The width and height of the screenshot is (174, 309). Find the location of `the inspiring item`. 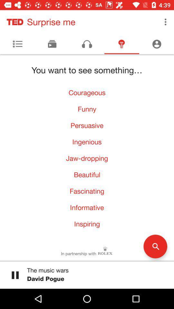

the inspiring item is located at coordinates (87, 224).